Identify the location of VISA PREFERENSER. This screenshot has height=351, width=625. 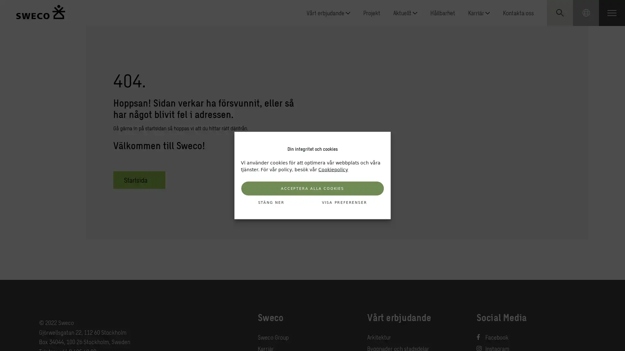
(344, 202).